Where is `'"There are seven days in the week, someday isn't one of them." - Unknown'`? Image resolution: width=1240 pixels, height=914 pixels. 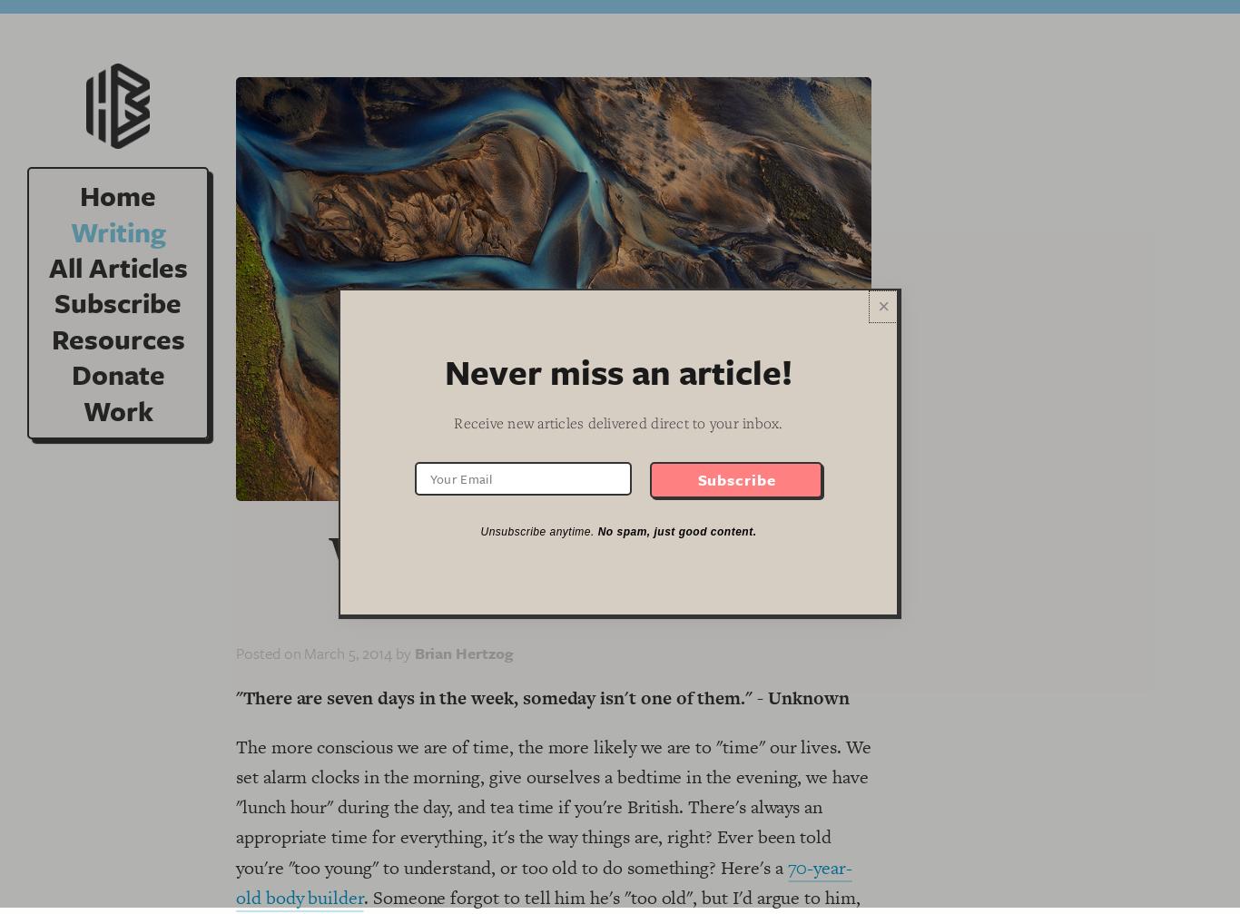 '"There are seven days in the week, someday isn't one of them." - Unknown' is located at coordinates (541, 696).